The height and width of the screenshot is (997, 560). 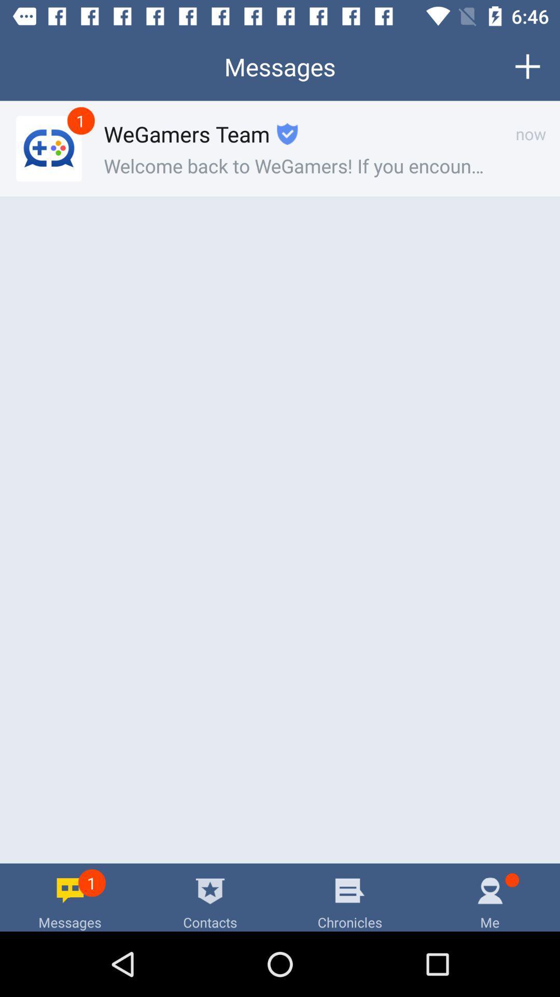 I want to click on the button on the top right corner of the web page, so click(x=527, y=66).